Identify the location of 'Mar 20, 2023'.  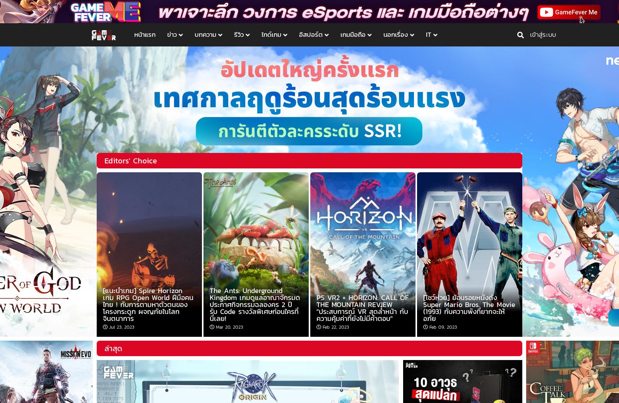
(215, 326).